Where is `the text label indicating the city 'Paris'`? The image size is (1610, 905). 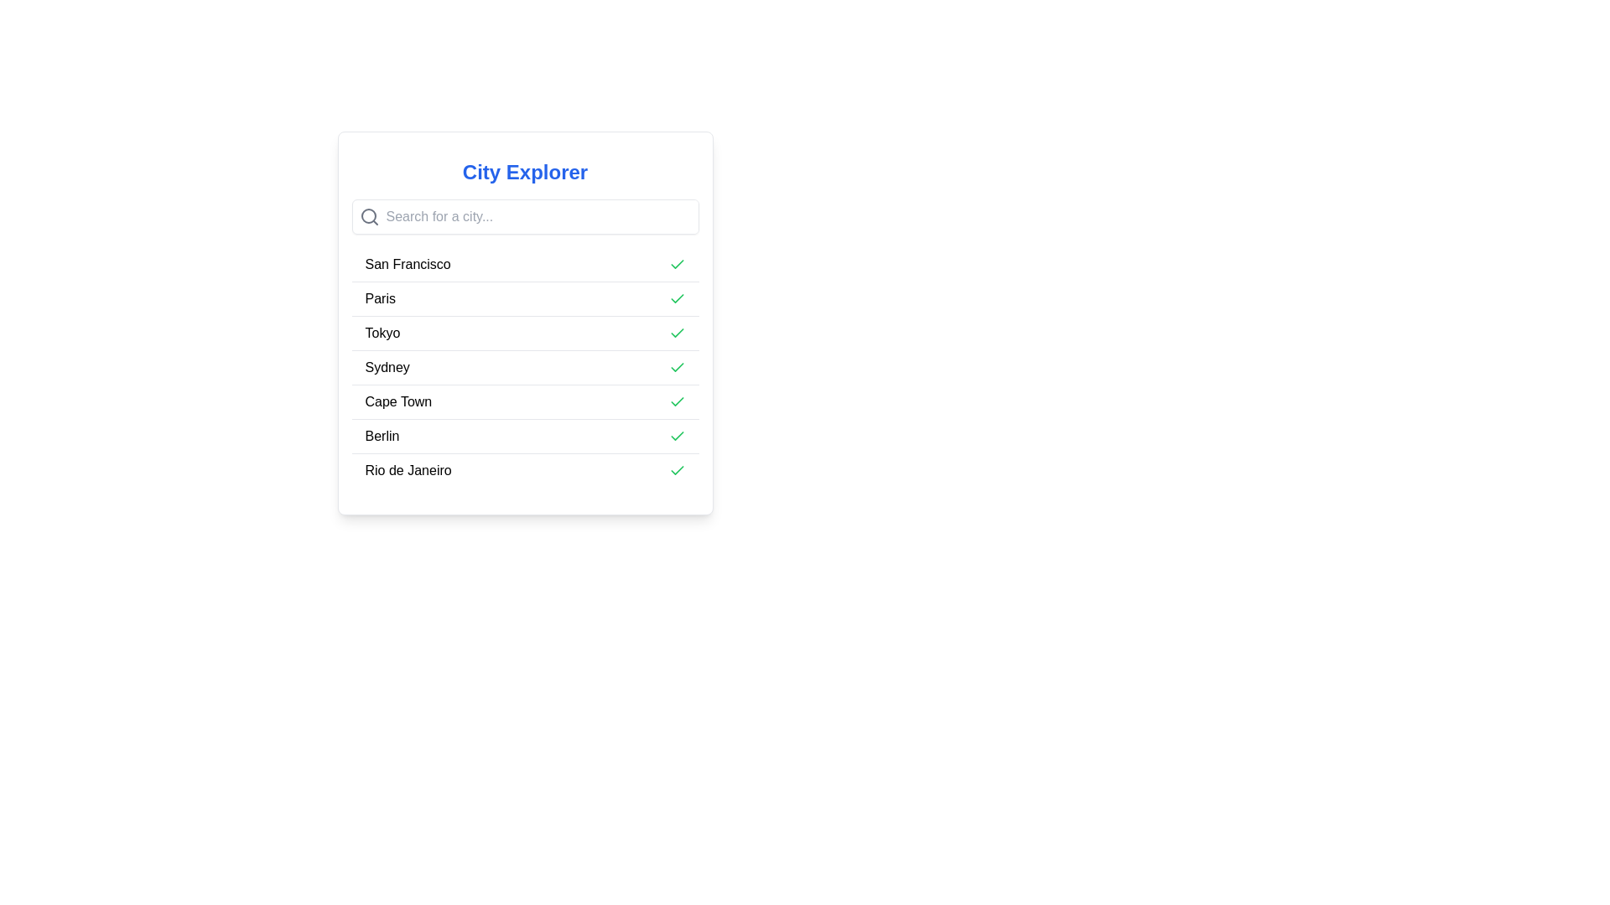
the text label indicating the city 'Paris' is located at coordinates (379, 298).